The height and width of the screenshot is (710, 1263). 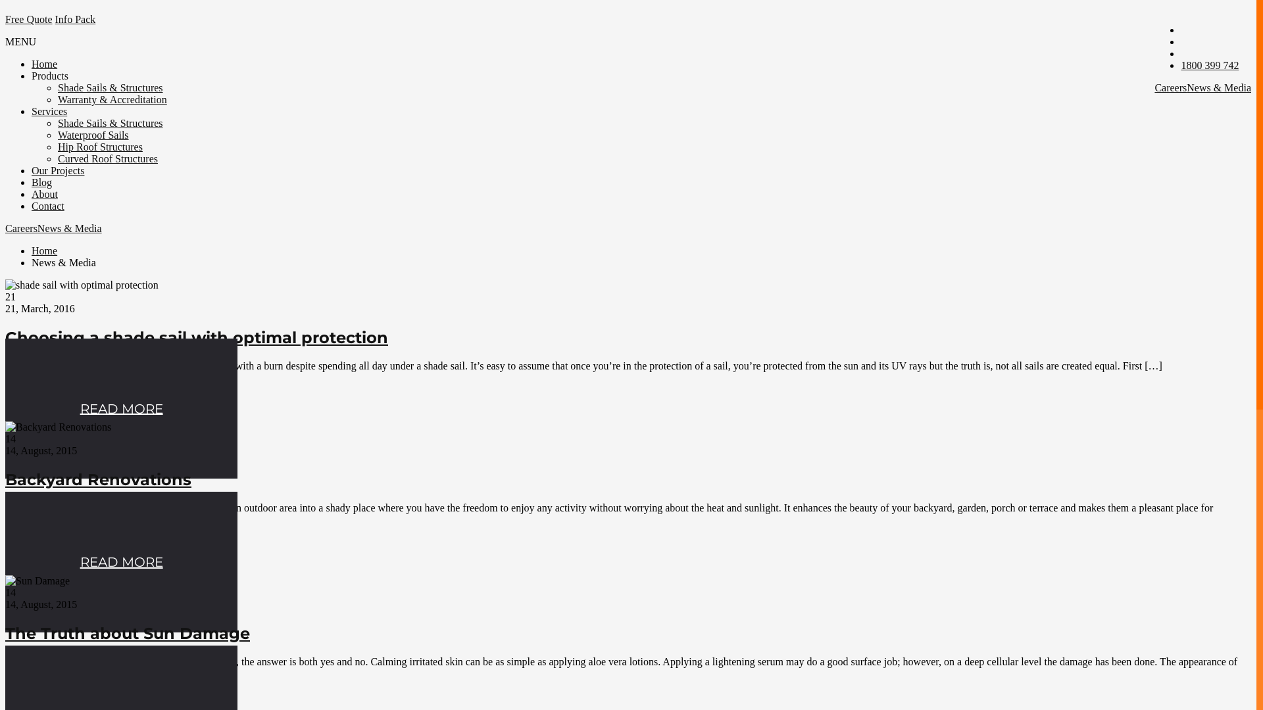 What do you see at coordinates (107, 158) in the screenshot?
I see `'Curved Roof Structures'` at bounding box center [107, 158].